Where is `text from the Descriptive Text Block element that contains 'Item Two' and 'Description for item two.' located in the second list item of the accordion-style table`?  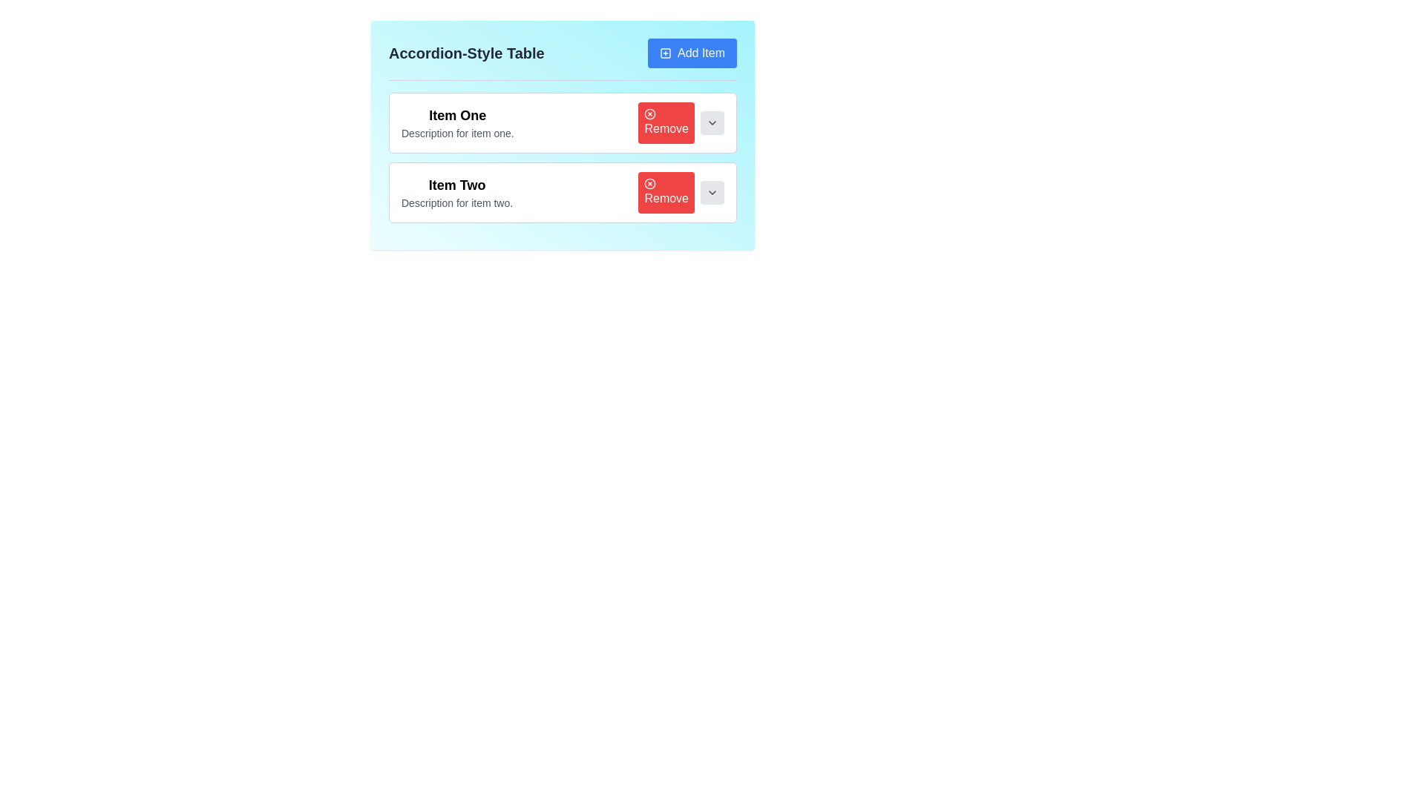 text from the Descriptive Text Block element that contains 'Item Two' and 'Description for item two.' located in the second list item of the accordion-style table is located at coordinates (456, 191).